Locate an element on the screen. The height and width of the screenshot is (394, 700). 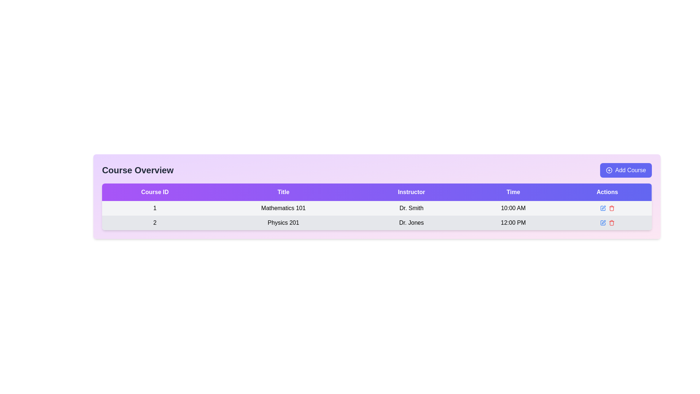
the delete icon button located in the 'Actions' column of the second row of the table is located at coordinates (607, 222).